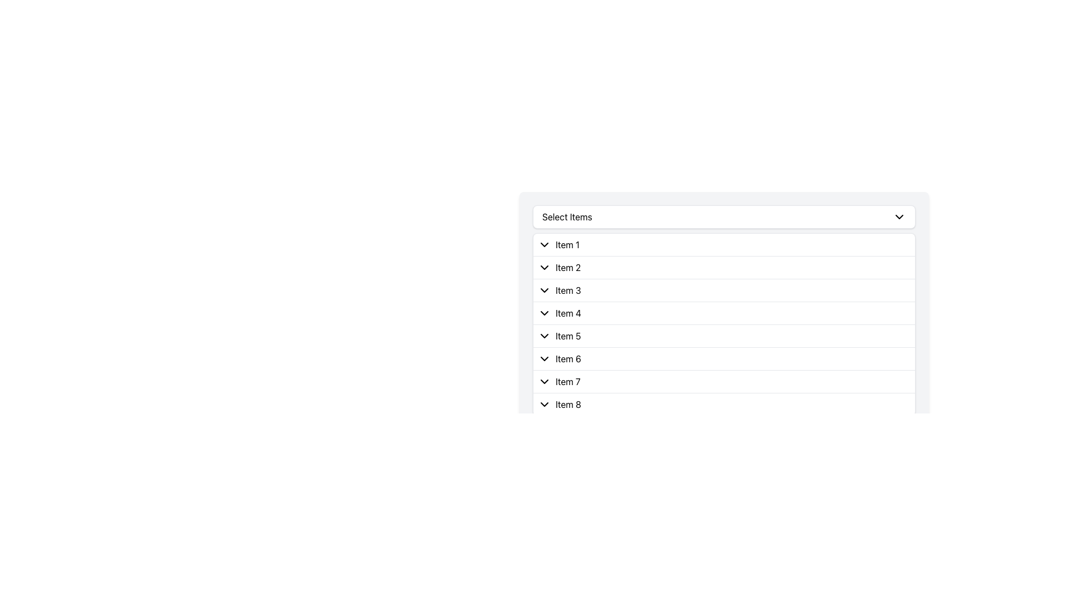 The height and width of the screenshot is (601, 1068). Describe the element at coordinates (545, 336) in the screenshot. I see `the small downward-facing chevron icon located to the left of the 'Item 5' label` at that location.